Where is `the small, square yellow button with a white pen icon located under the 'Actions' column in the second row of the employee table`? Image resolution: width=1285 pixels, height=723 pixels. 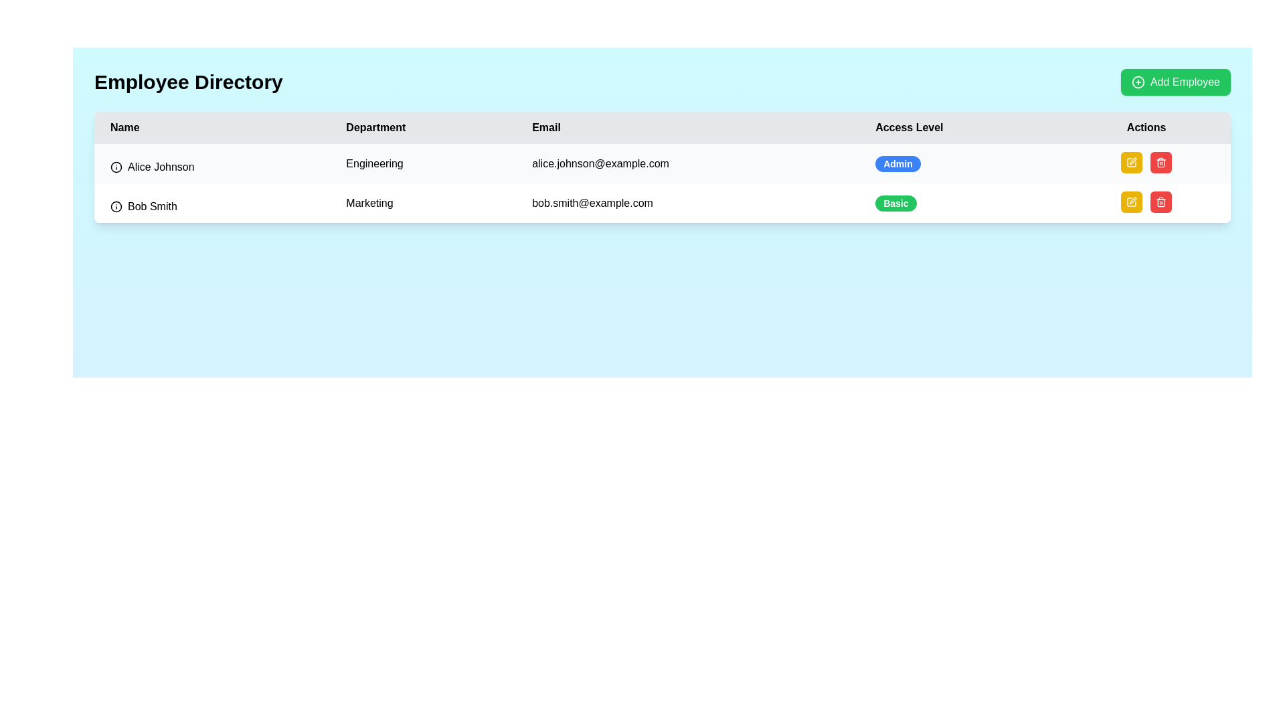
the small, square yellow button with a white pen icon located under the 'Actions' column in the second row of the employee table is located at coordinates (1131, 202).